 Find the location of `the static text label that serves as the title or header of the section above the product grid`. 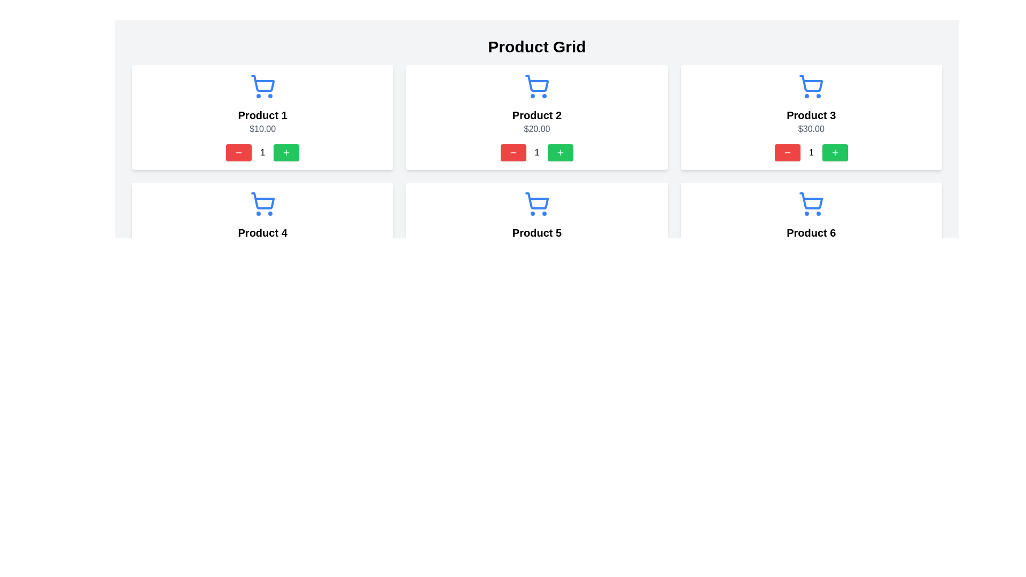

the static text label that serves as the title or header of the section above the product grid is located at coordinates (537, 46).